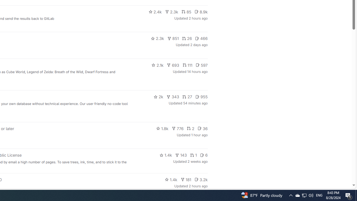  Describe the element at coordinates (202, 128) in the screenshot. I see `'36'` at that location.